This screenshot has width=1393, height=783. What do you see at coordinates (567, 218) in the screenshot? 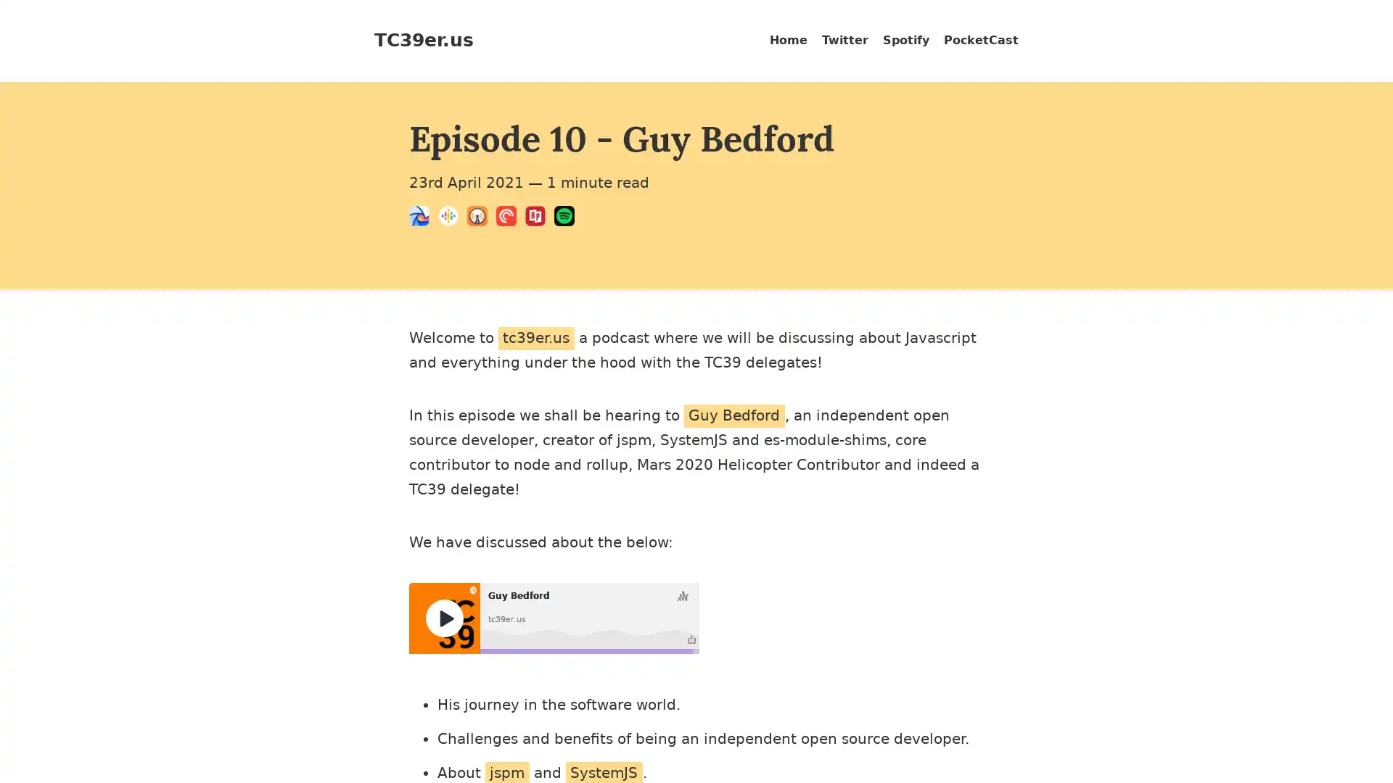
I see `Spotify Logo` at bounding box center [567, 218].